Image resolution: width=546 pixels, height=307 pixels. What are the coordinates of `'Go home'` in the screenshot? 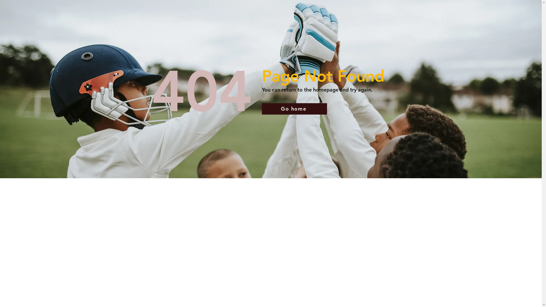 It's located at (294, 109).